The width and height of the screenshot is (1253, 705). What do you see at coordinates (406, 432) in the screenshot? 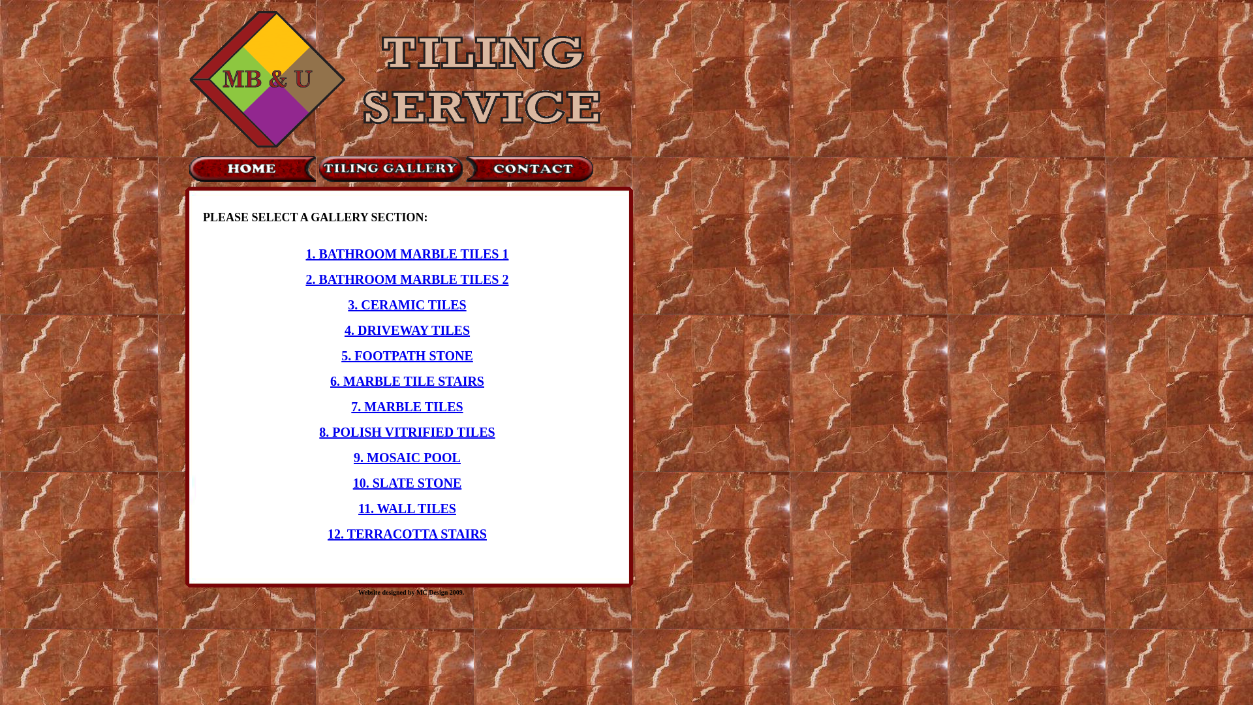
I see `'8. POLISH VITRIFIED TILES'` at bounding box center [406, 432].